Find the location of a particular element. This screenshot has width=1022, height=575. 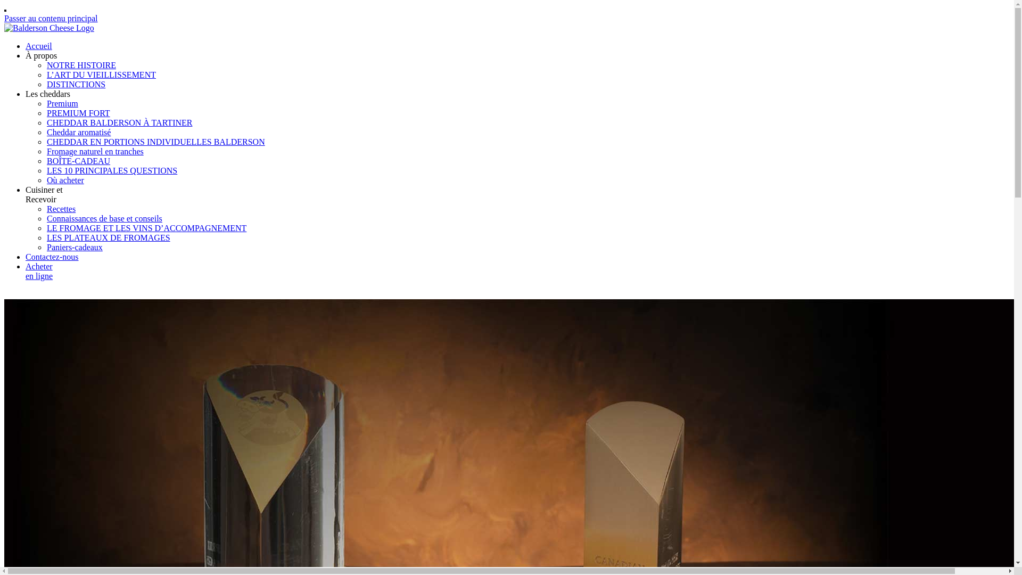

'LES PLATEAUX DE FROMAGES' is located at coordinates (108, 237).